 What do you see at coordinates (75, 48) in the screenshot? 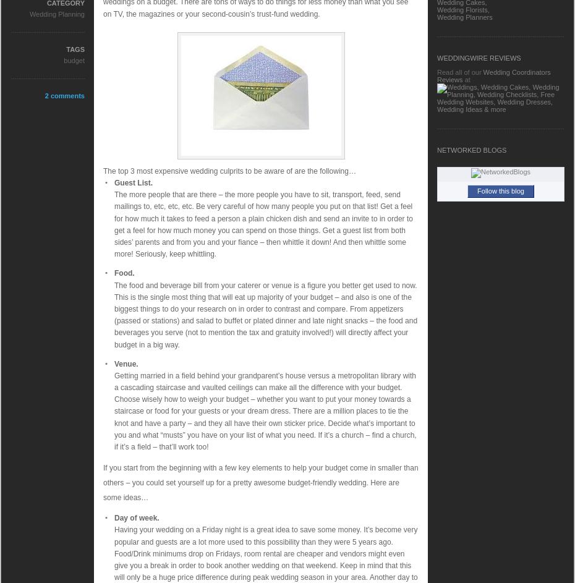
I see `'TAGS'` at bounding box center [75, 48].